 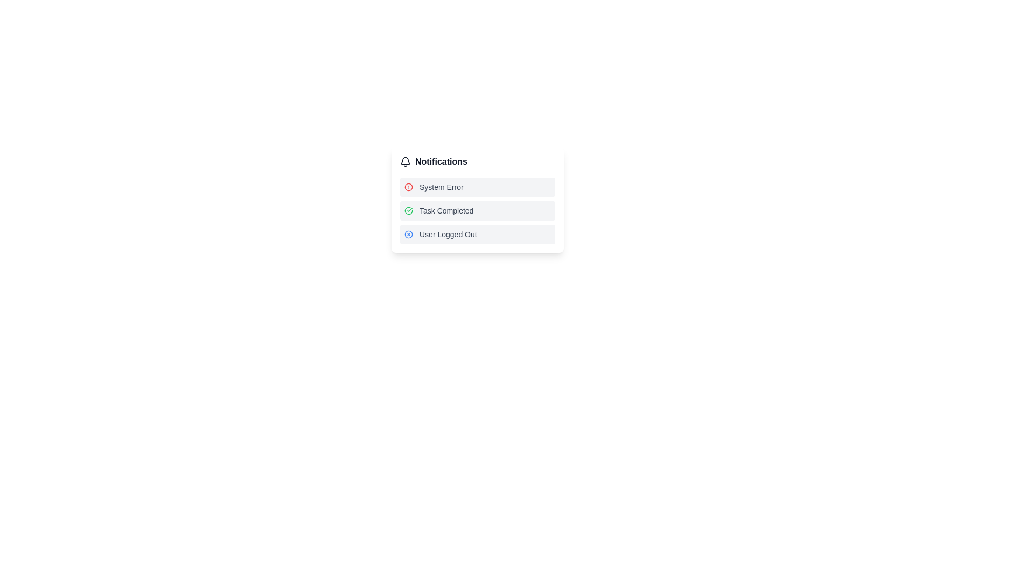 What do you see at coordinates (477, 186) in the screenshot?
I see `the notification labeled 'System Error' which is the first item in a vertical list within a white card` at bounding box center [477, 186].